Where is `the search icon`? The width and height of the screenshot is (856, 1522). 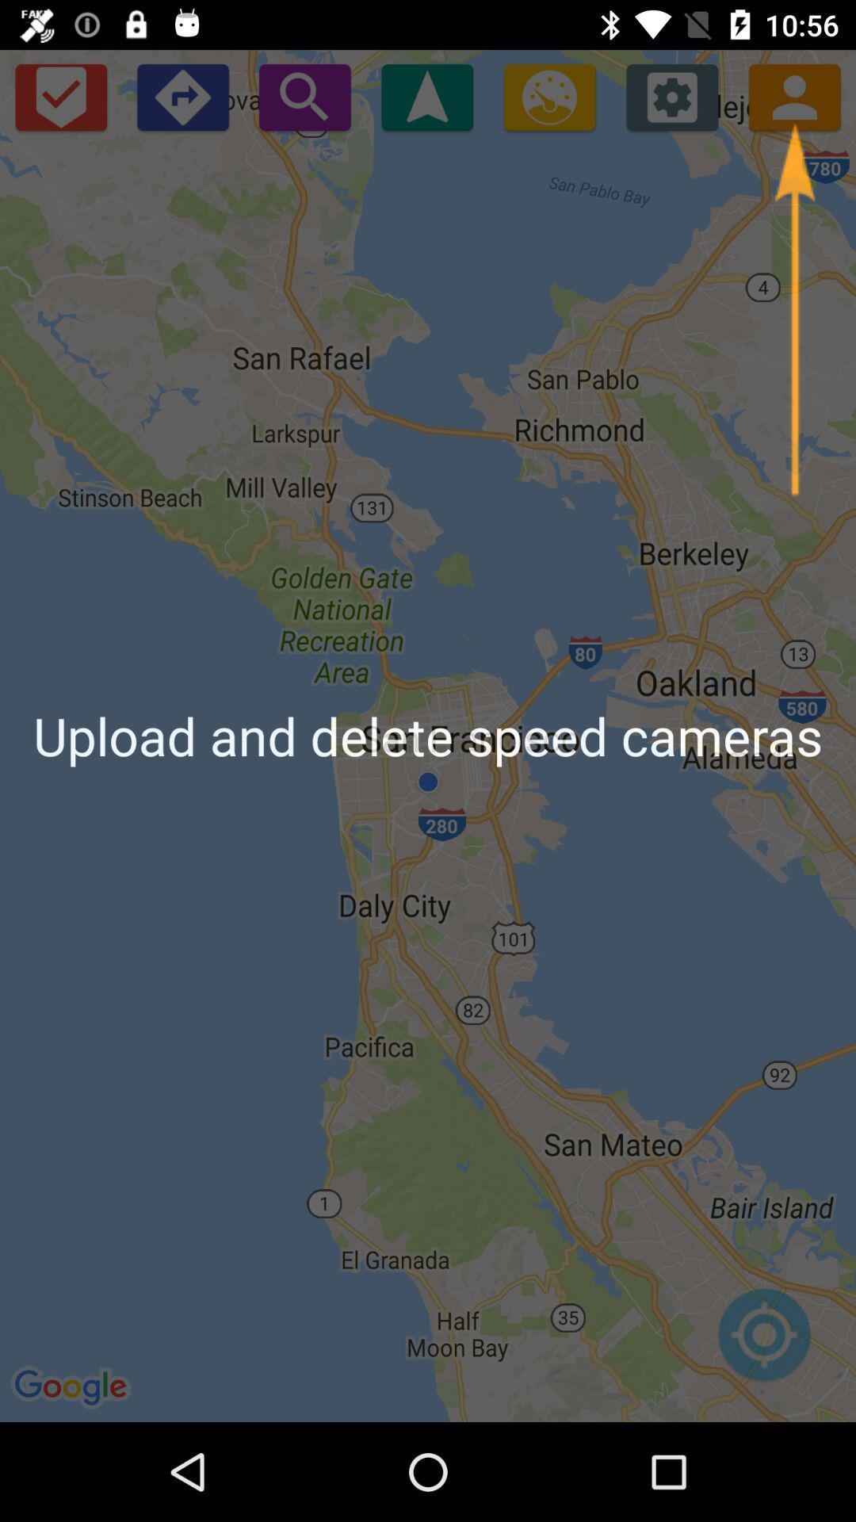
the search icon is located at coordinates (304, 96).